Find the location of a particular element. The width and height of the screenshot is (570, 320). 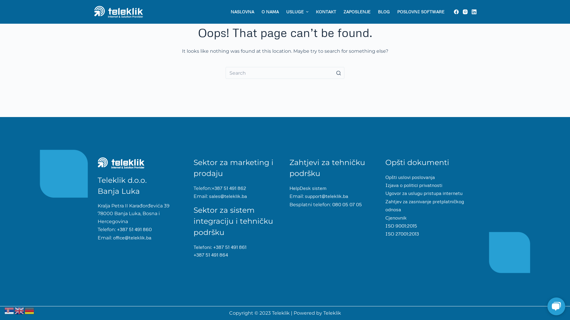

'+387 51 491 860' is located at coordinates (115, 229).